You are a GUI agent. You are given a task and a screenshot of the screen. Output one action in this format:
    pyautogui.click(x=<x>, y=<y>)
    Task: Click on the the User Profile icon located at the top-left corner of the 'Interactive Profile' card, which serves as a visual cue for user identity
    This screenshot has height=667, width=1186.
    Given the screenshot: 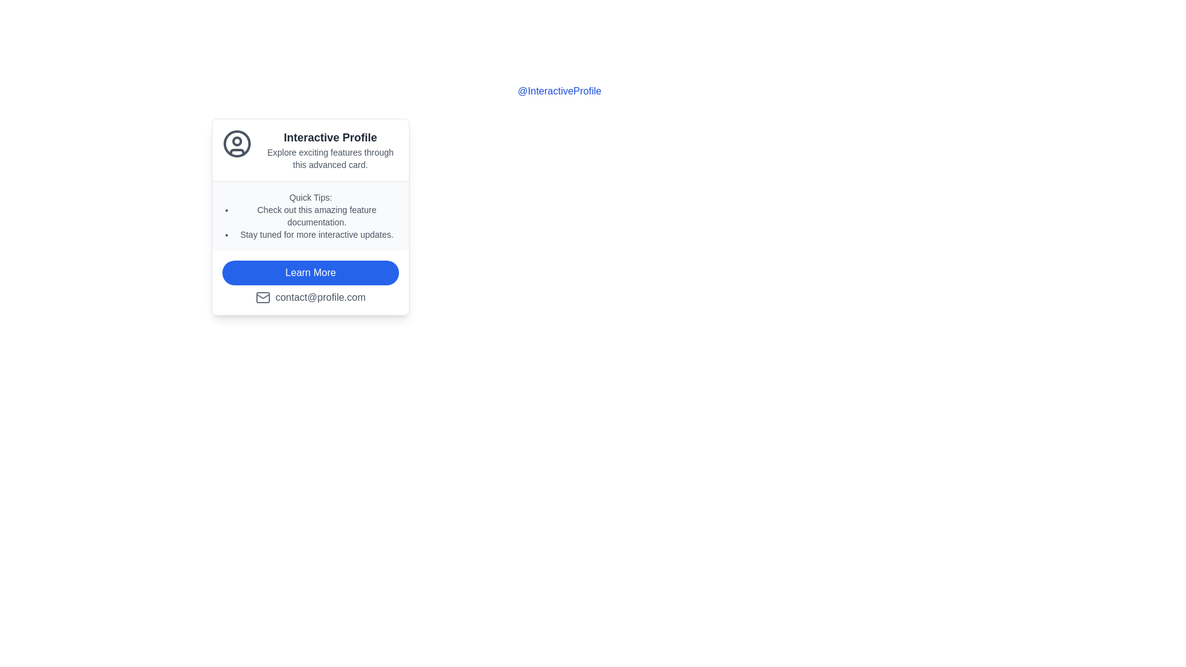 What is the action you would take?
    pyautogui.click(x=237, y=143)
    